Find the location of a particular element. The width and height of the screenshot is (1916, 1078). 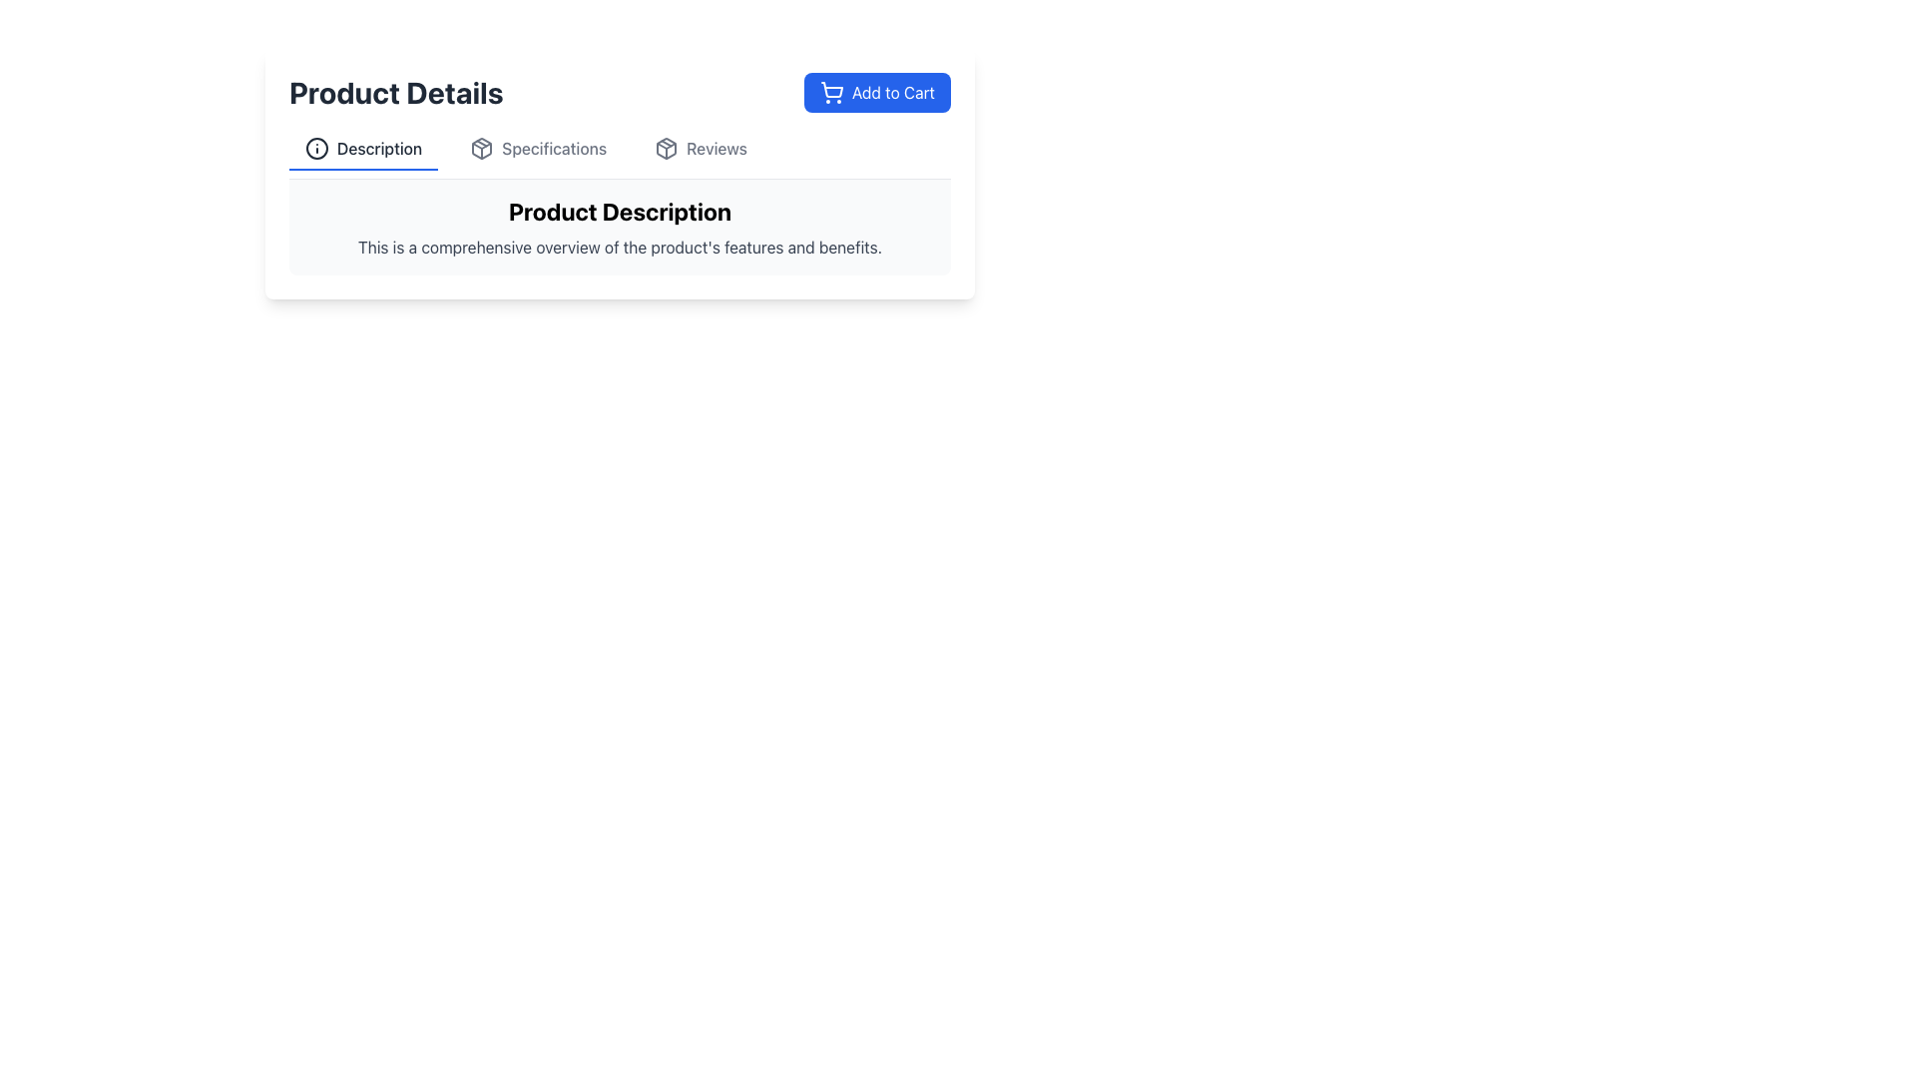

the Textual content block that contains the title 'Product Description' and the description text, which is located below the tabs for 'Description', 'Specifications', and 'Reviews' is located at coordinates (619, 226).